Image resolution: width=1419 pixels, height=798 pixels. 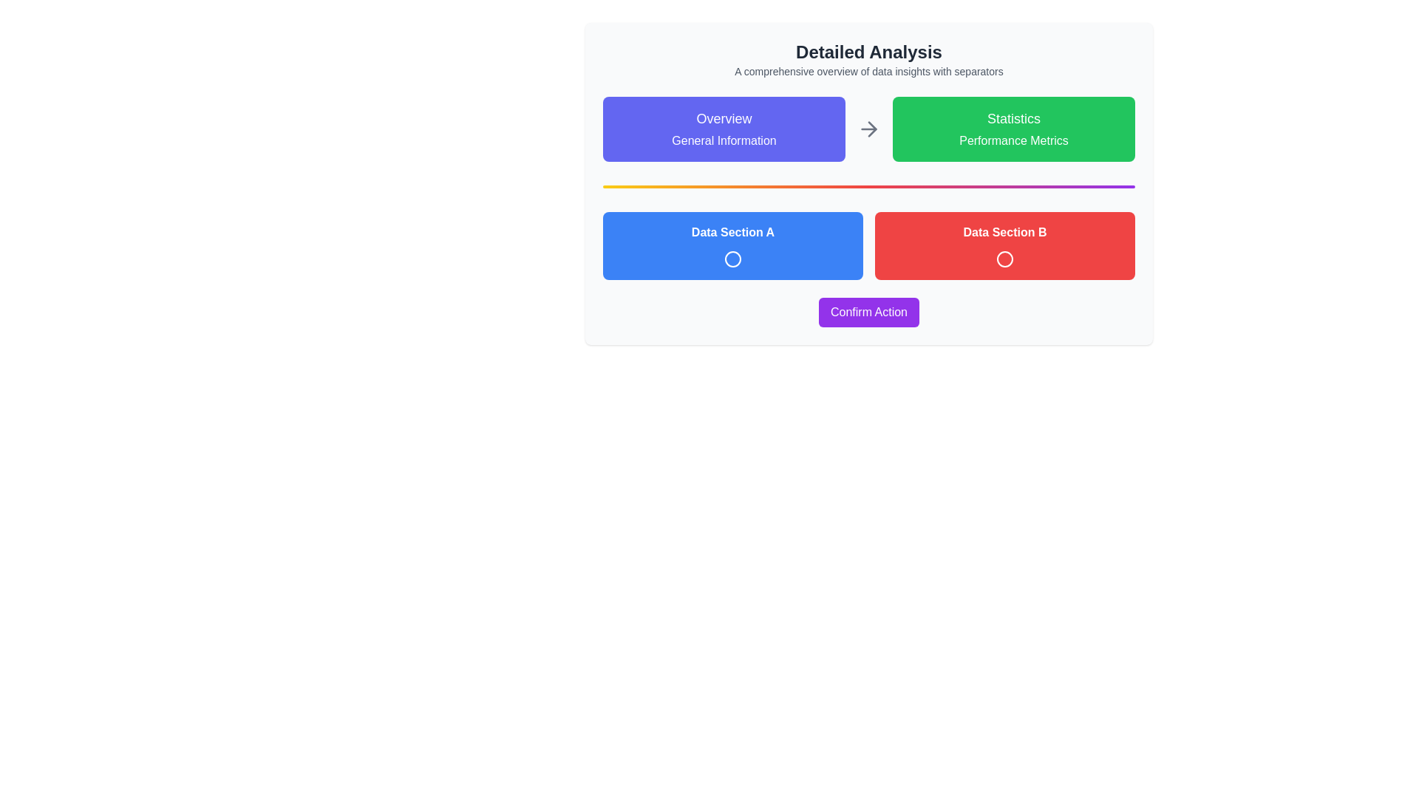 What do you see at coordinates (869, 71) in the screenshot?
I see `the static text label that serves as a descriptive subheading located directly beneath the 'Detailed Analysis' header` at bounding box center [869, 71].